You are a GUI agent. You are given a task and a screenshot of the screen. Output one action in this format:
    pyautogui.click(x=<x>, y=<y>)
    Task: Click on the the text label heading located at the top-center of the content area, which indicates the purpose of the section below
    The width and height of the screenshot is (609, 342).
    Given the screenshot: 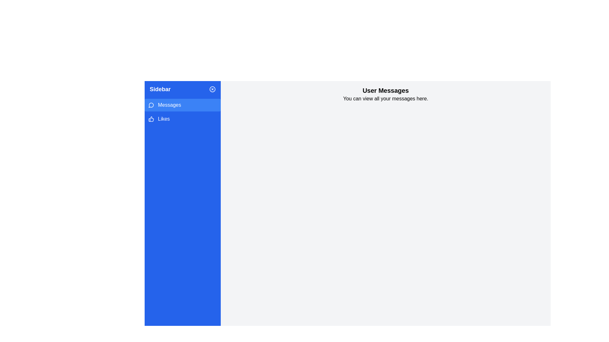 What is the action you would take?
    pyautogui.click(x=385, y=90)
    